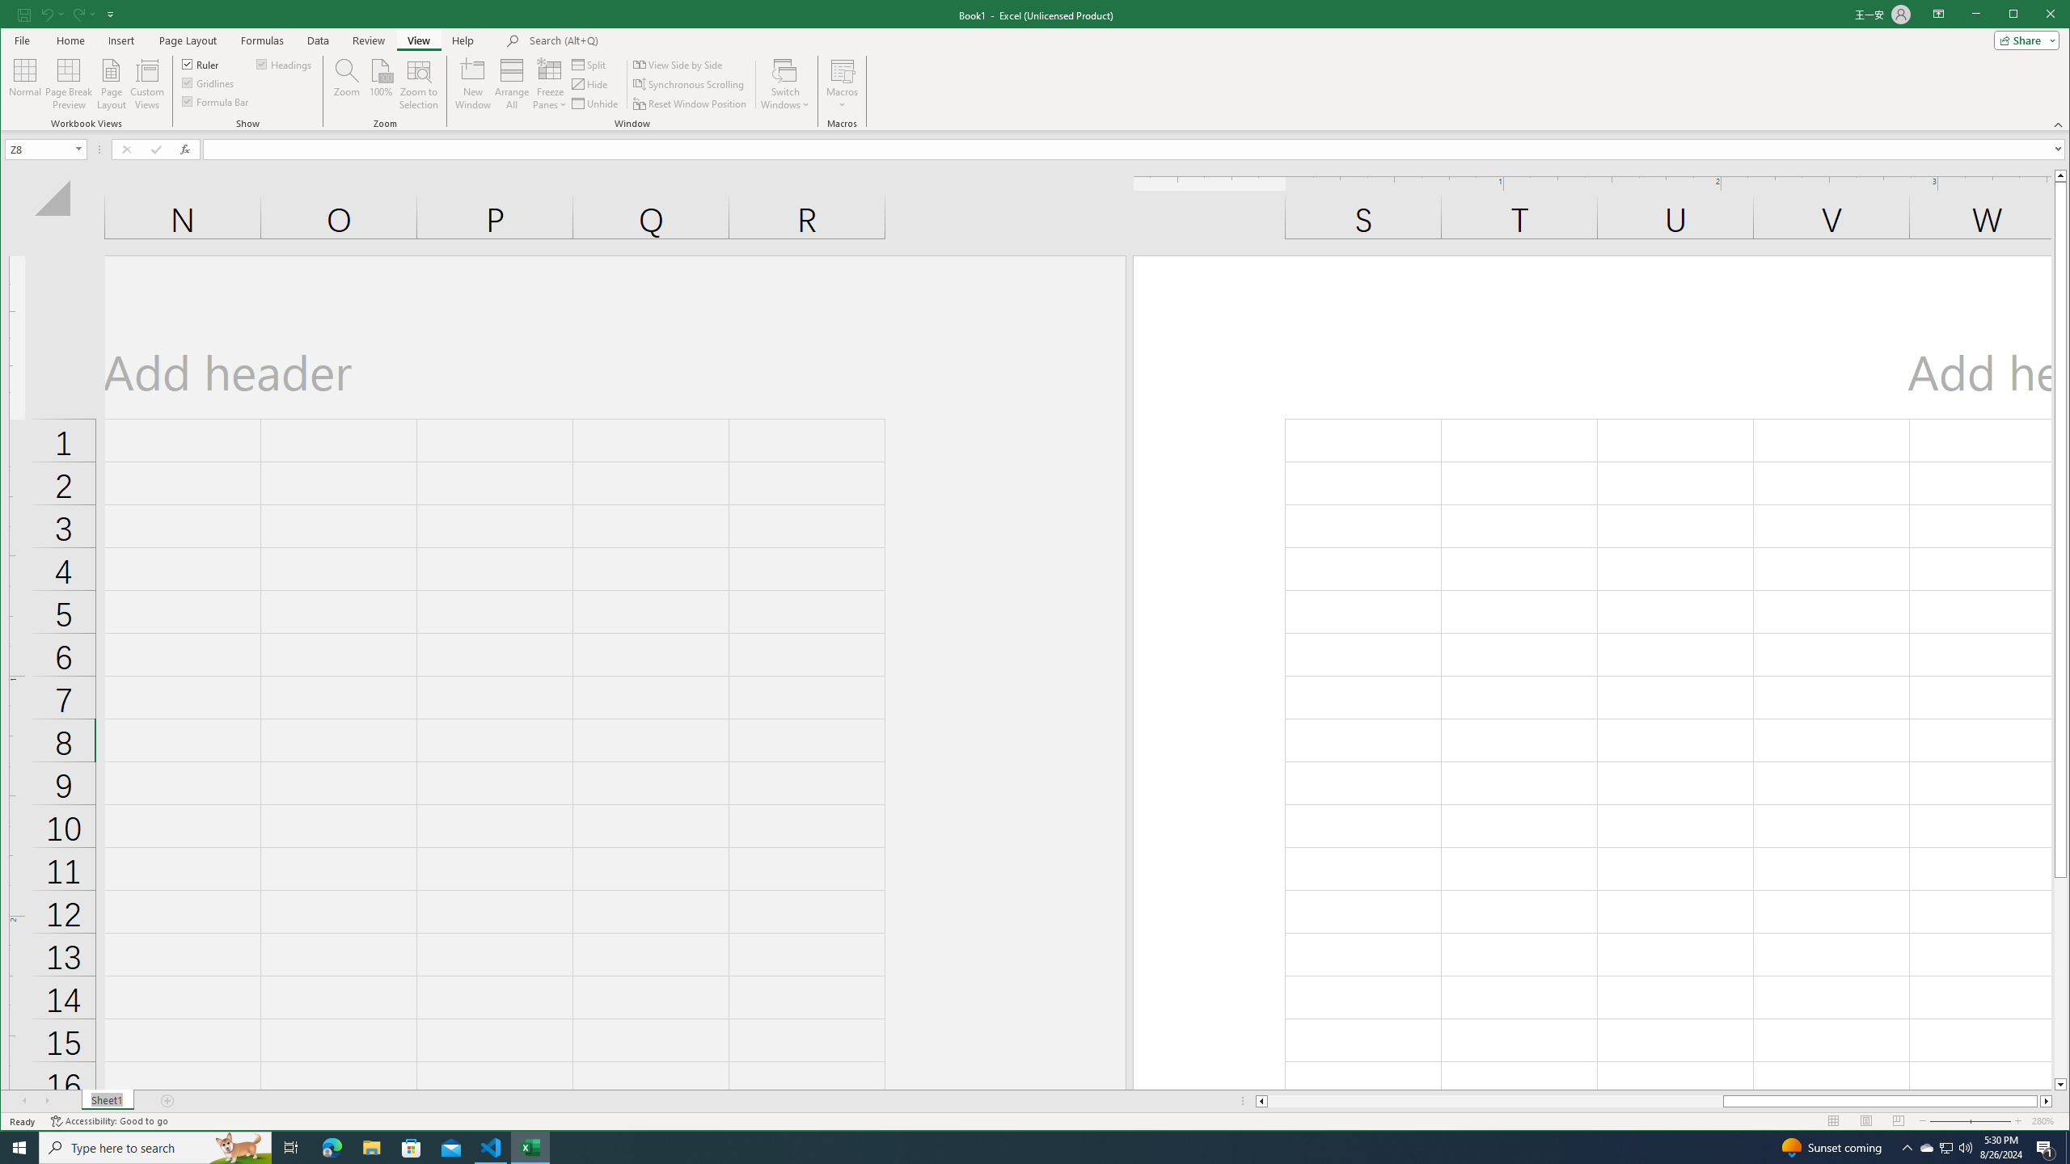 This screenshot has height=1164, width=2070. What do you see at coordinates (689, 84) in the screenshot?
I see `'Synchronous Scrolling'` at bounding box center [689, 84].